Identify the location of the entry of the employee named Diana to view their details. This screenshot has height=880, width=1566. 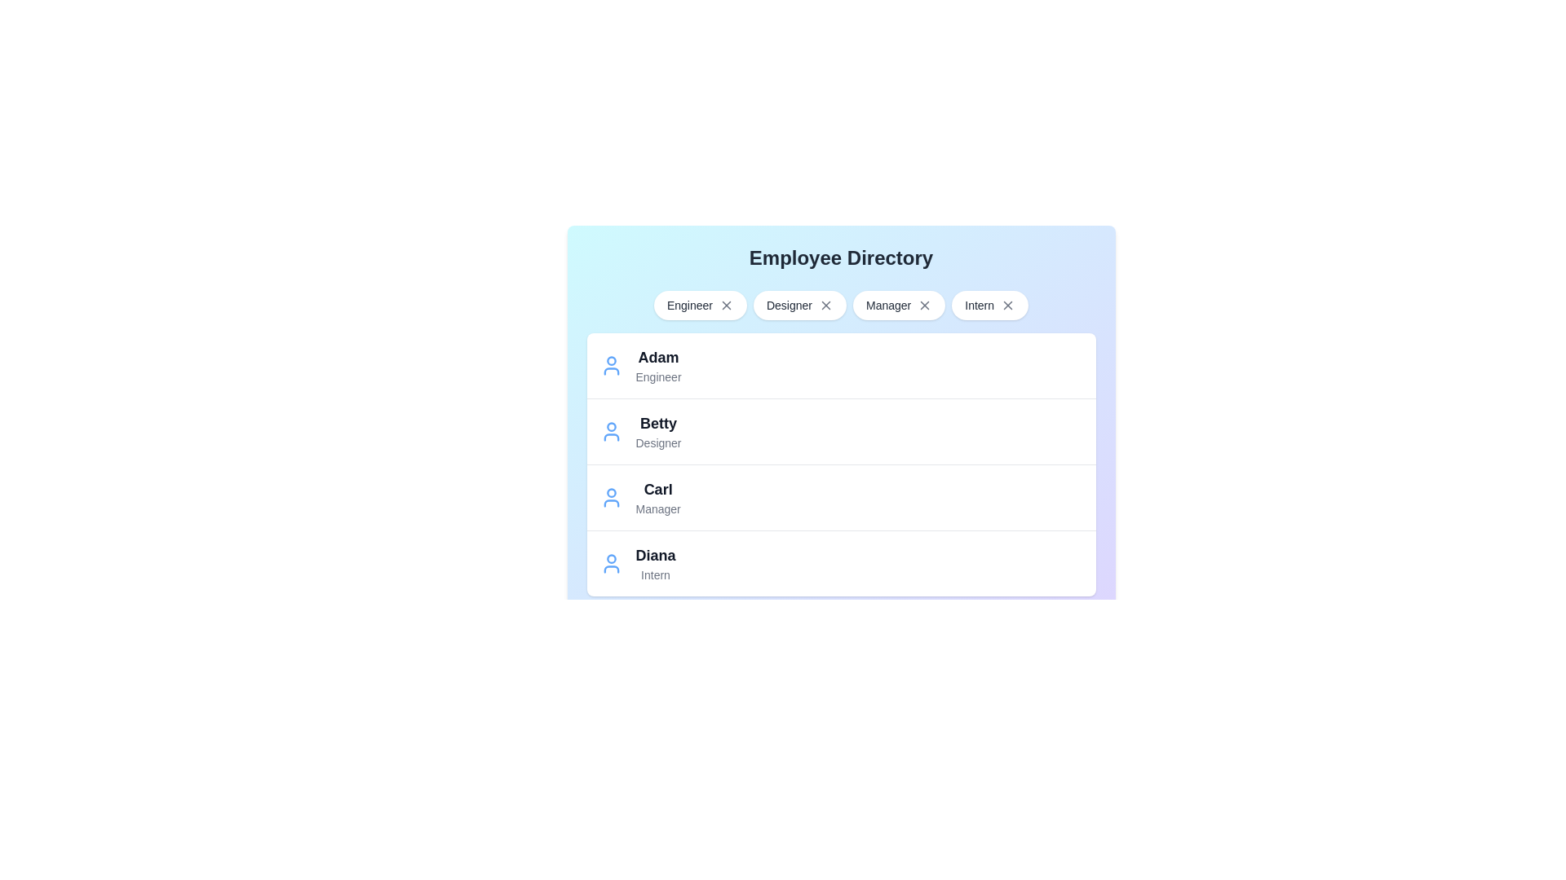
(610, 562).